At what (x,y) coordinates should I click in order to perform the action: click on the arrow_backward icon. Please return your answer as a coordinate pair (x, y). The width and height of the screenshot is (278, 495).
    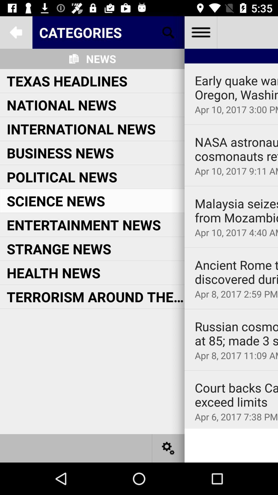
    Looking at the image, I should click on (16, 32).